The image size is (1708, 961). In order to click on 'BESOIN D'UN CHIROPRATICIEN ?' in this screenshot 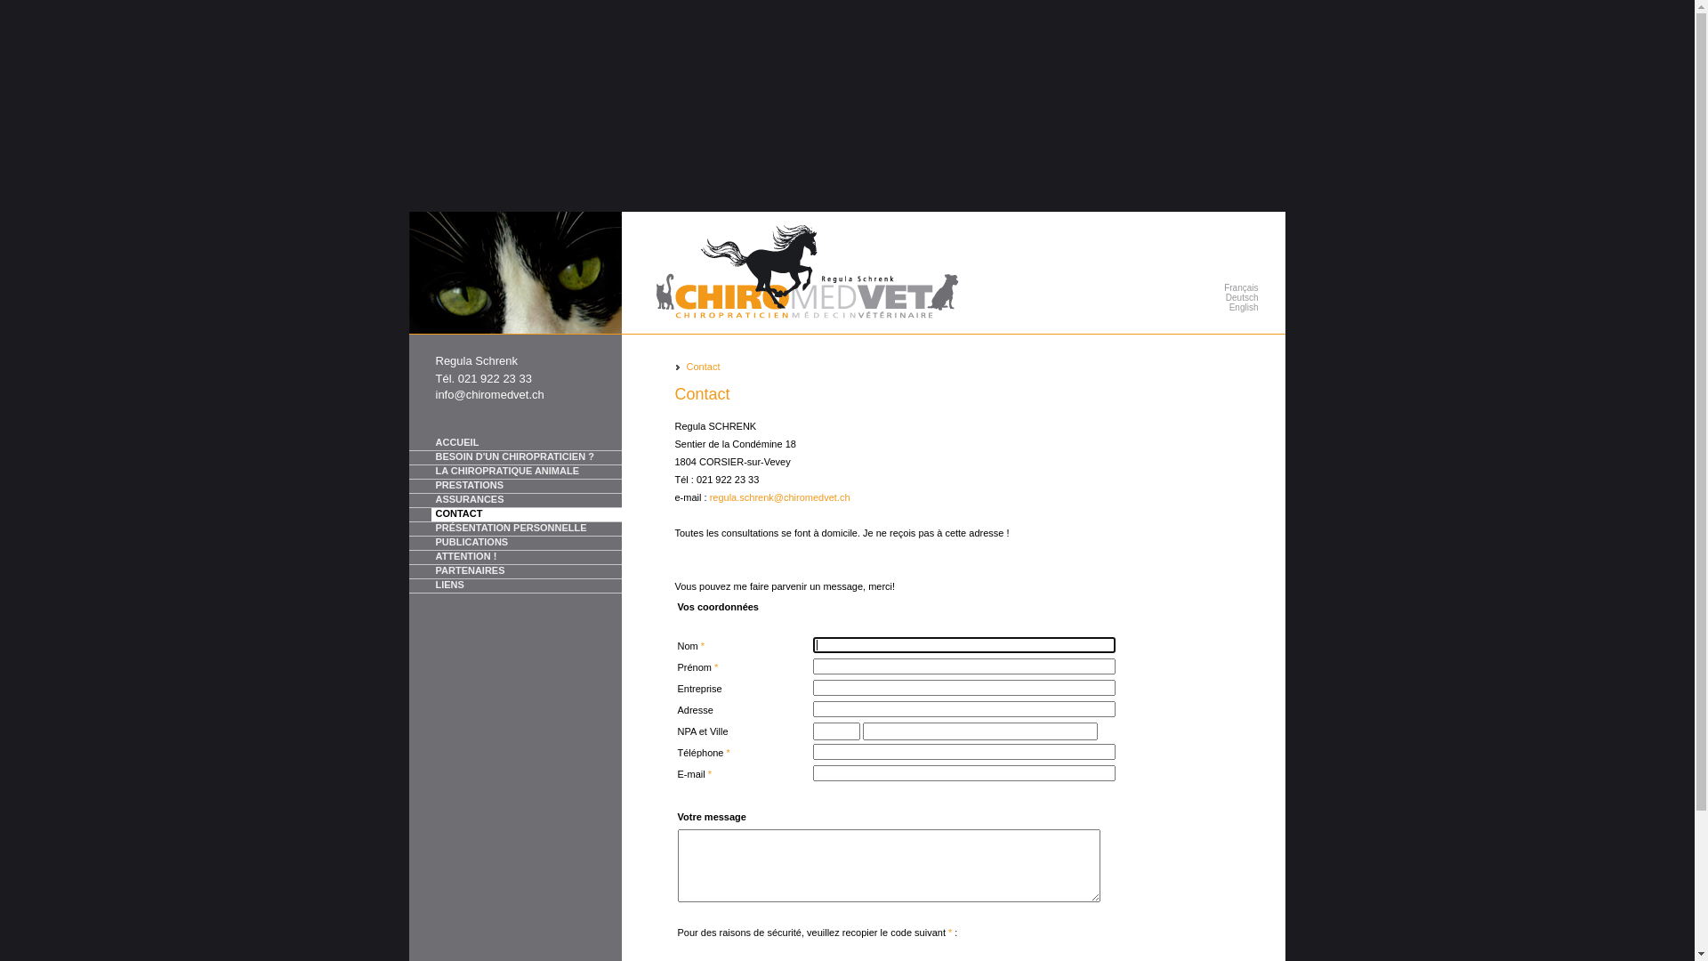, I will do `click(524, 456)`.